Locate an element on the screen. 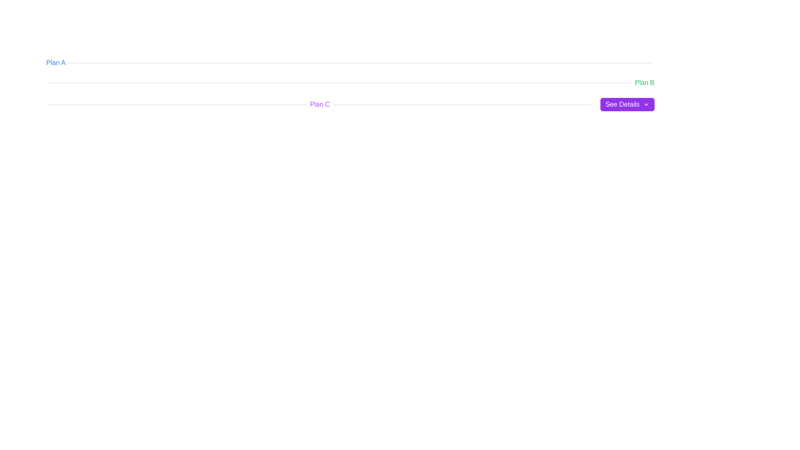 Image resolution: width=800 pixels, height=450 pixels. the 'Plan B' text label, which serves as an identifier adjacent to an underlined bar in the interface is located at coordinates (644, 83).